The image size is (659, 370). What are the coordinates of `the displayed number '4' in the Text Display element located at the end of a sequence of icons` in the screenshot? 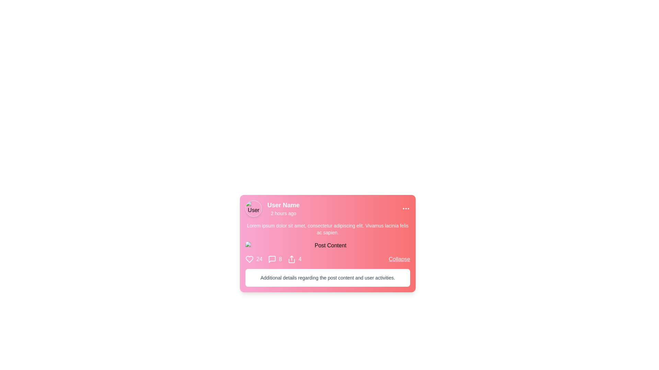 It's located at (300, 259).